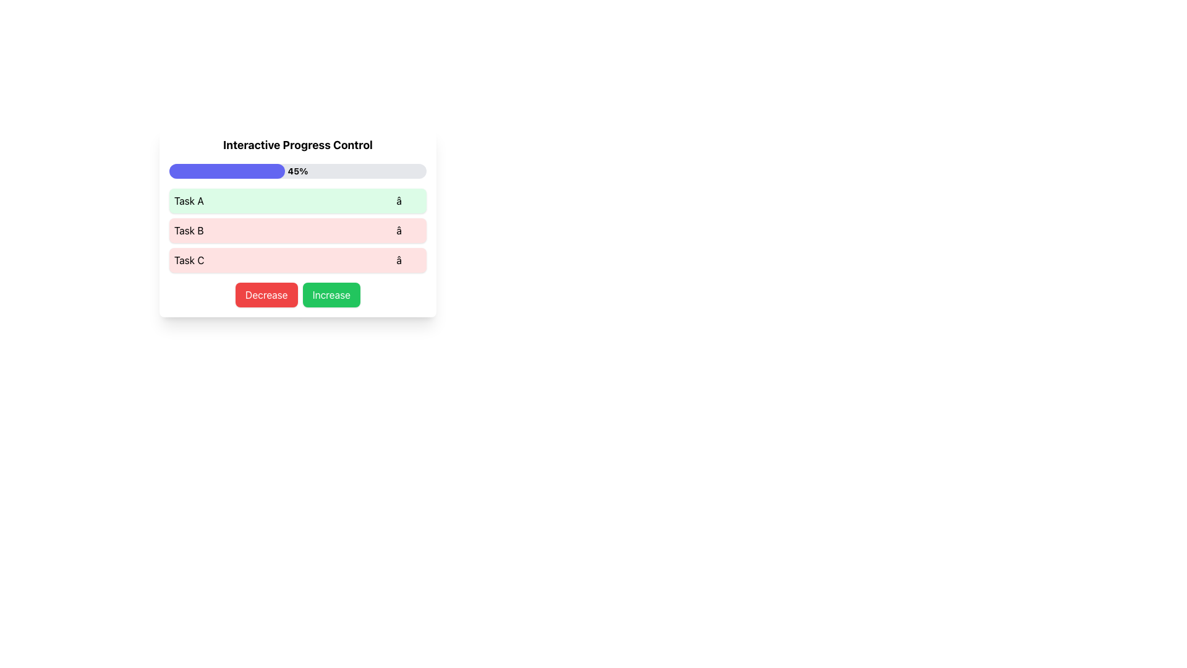  Describe the element at coordinates (266, 295) in the screenshot. I see `the 'Decrease' button located at the center bottom of the section, which is the first button from the left among two buttons` at that location.